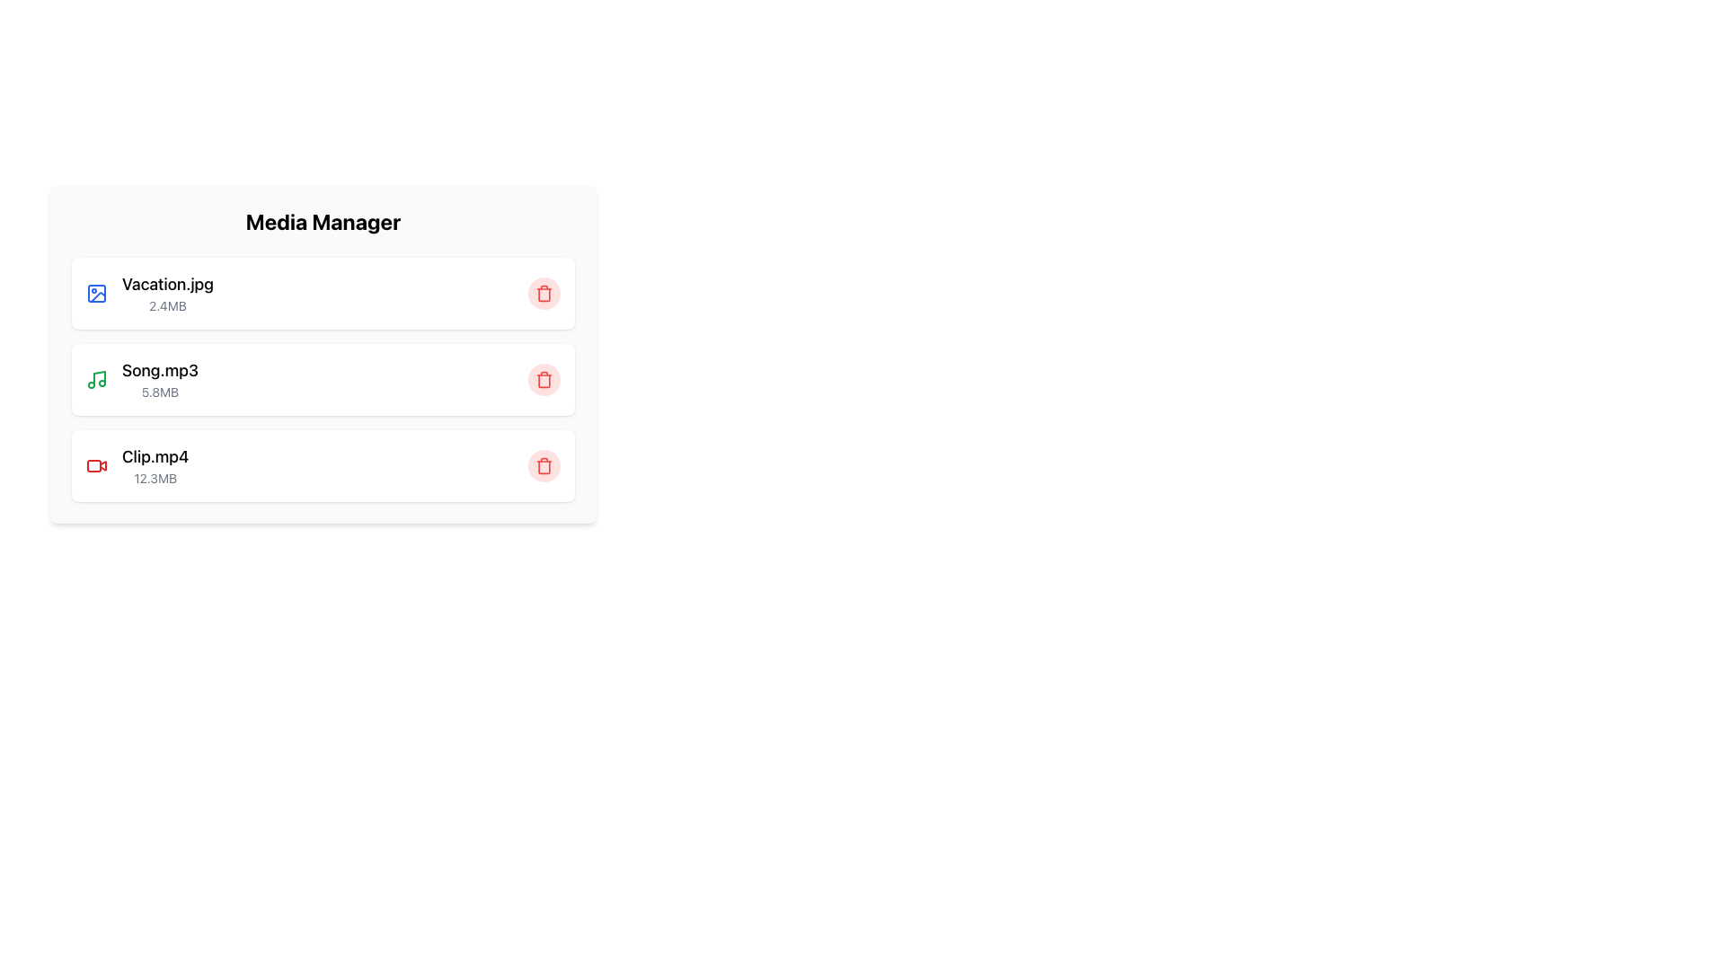 The width and height of the screenshot is (1725, 970). What do you see at coordinates (96, 465) in the screenshot?
I see `the video file icon that is red and resembles a video camera, located next to the 'Clip.mp4 12.3MB' text in the Media Manager section` at bounding box center [96, 465].